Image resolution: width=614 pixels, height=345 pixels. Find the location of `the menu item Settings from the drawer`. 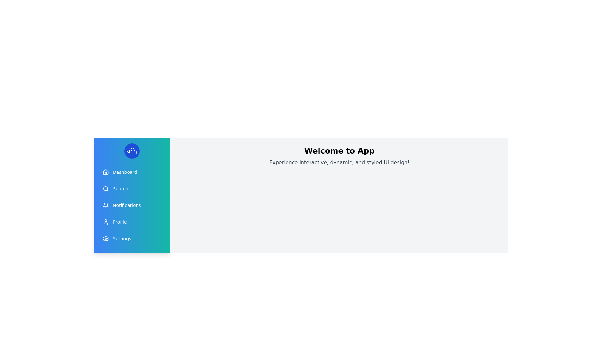

the menu item Settings from the drawer is located at coordinates (131, 239).